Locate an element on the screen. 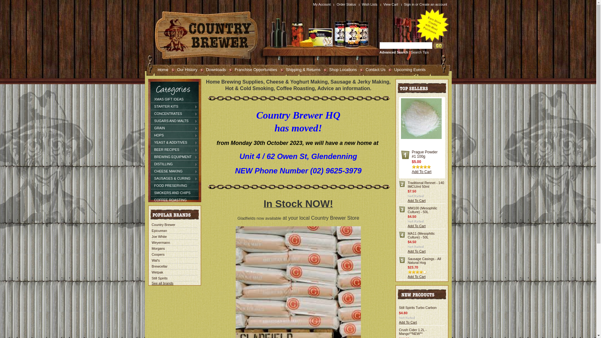 This screenshot has height=338, width=601. 'Create an account' is located at coordinates (419, 4).